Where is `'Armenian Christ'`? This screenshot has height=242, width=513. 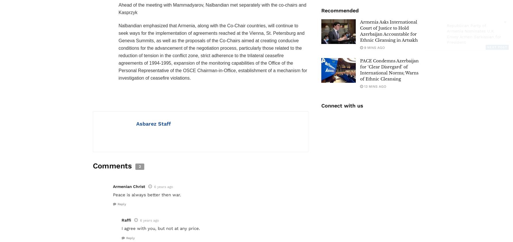 'Armenian Christ' is located at coordinates (128, 186).